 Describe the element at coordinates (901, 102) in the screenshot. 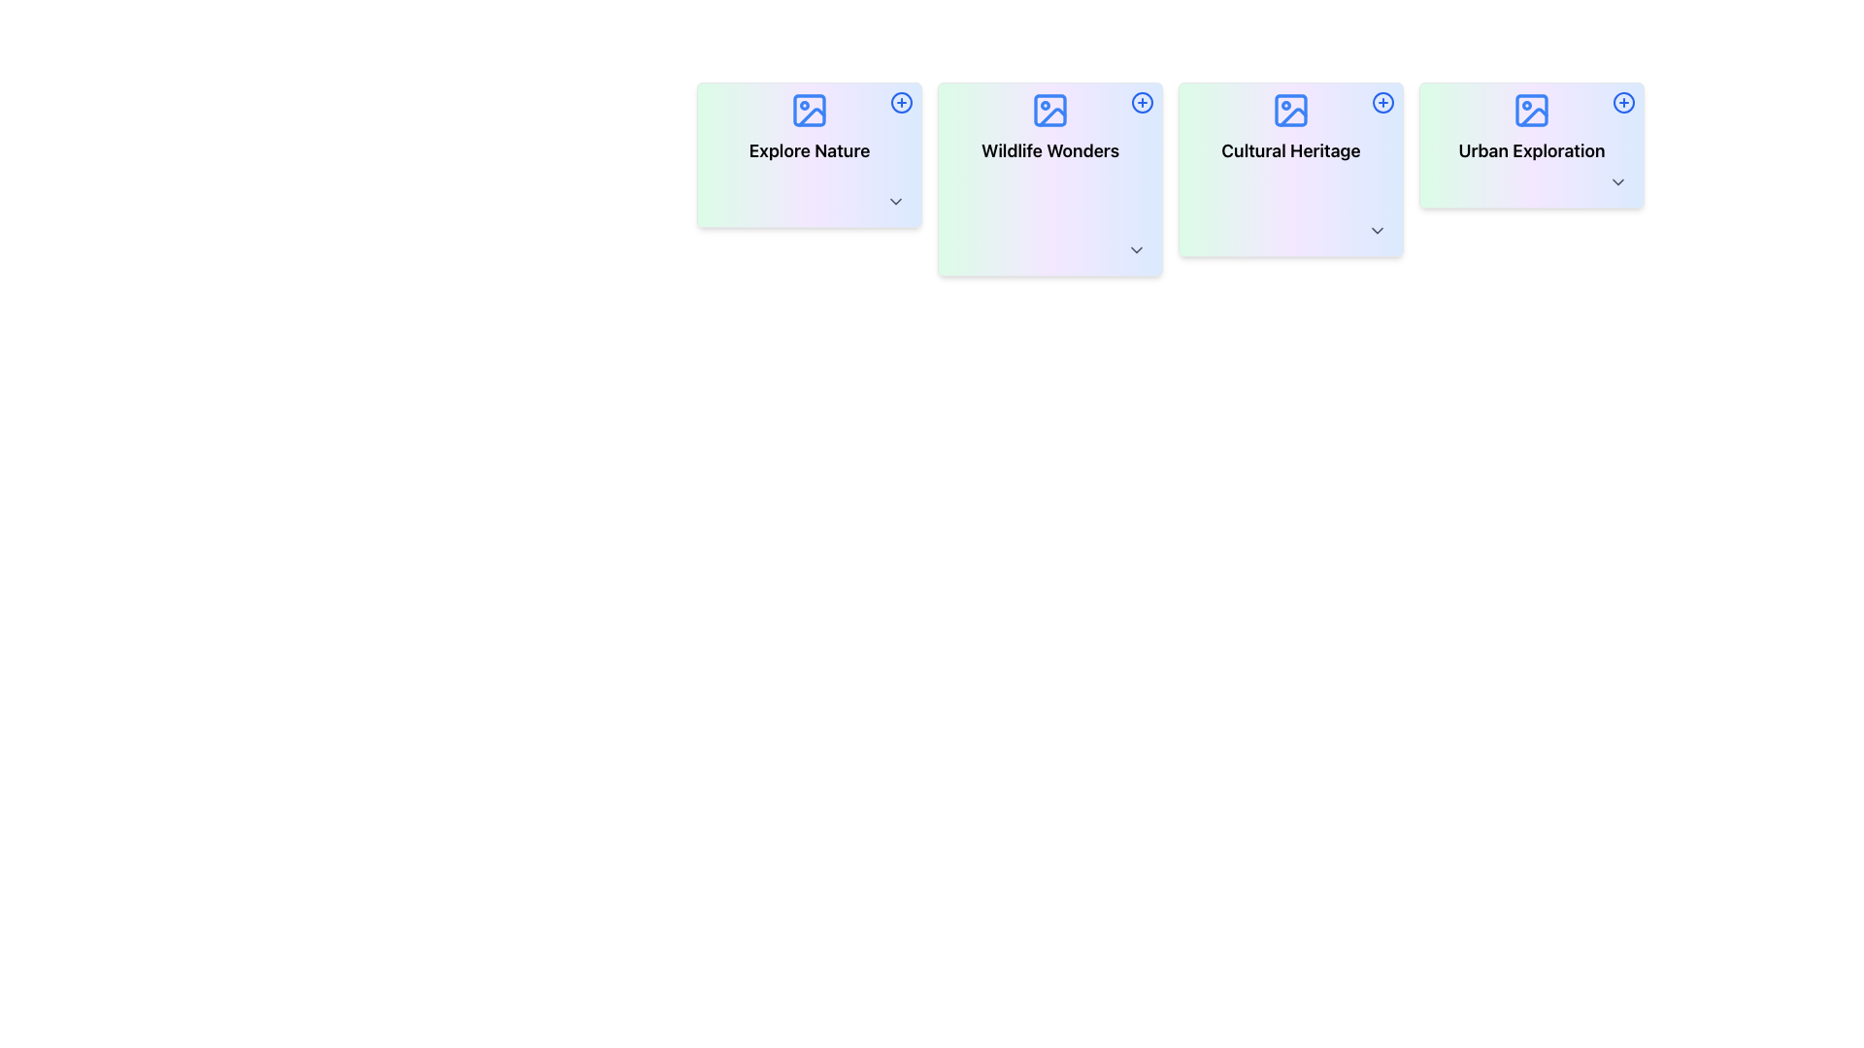

I see `the circular icon button with a blue outline and inner plus symbol located at the top-right corner of the 'Explore Nature' card` at that location.